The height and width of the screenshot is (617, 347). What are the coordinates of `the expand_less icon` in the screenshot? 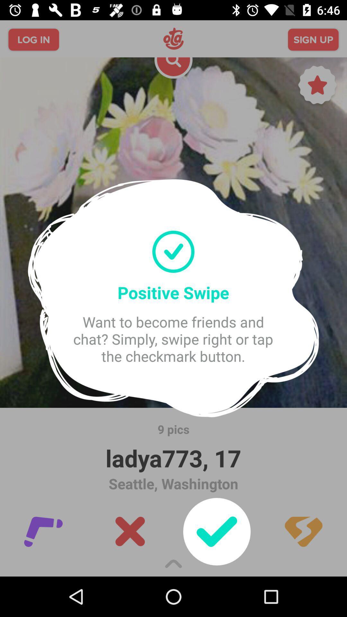 It's located at (173, 563).